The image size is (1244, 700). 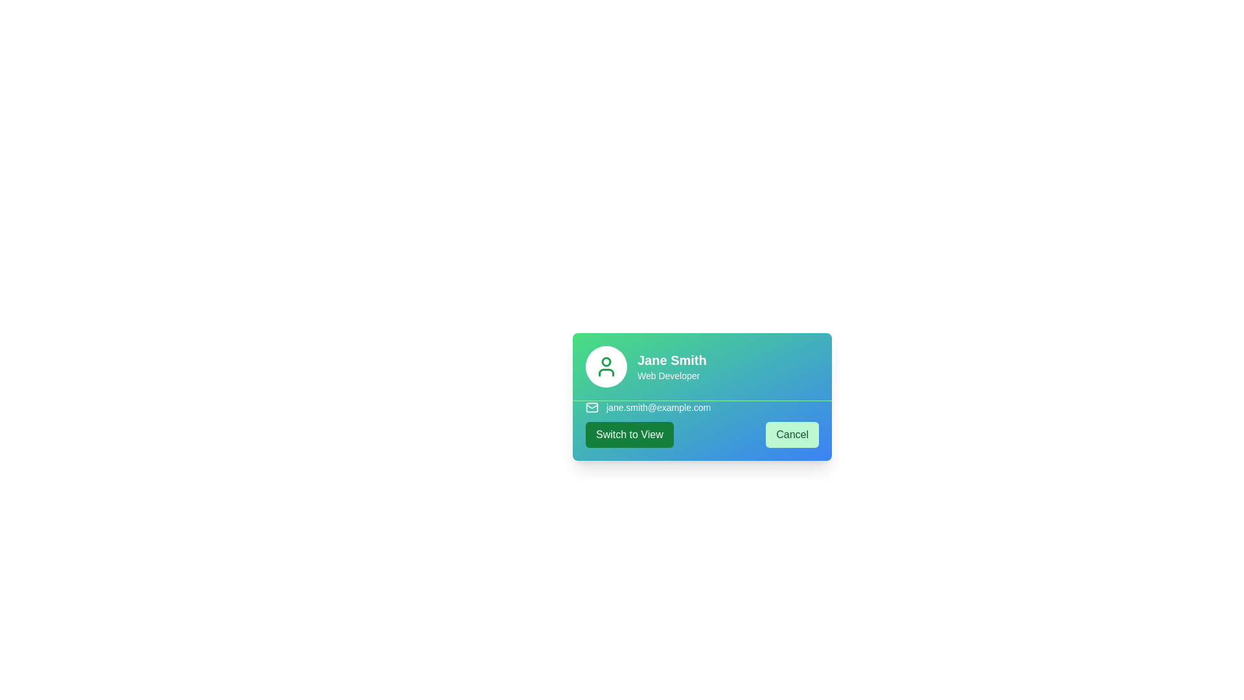 I want to click on the toggle button located at the bottom left of a horizontal button group, which changes the displayed content or layout, so click(x=629, y=435).